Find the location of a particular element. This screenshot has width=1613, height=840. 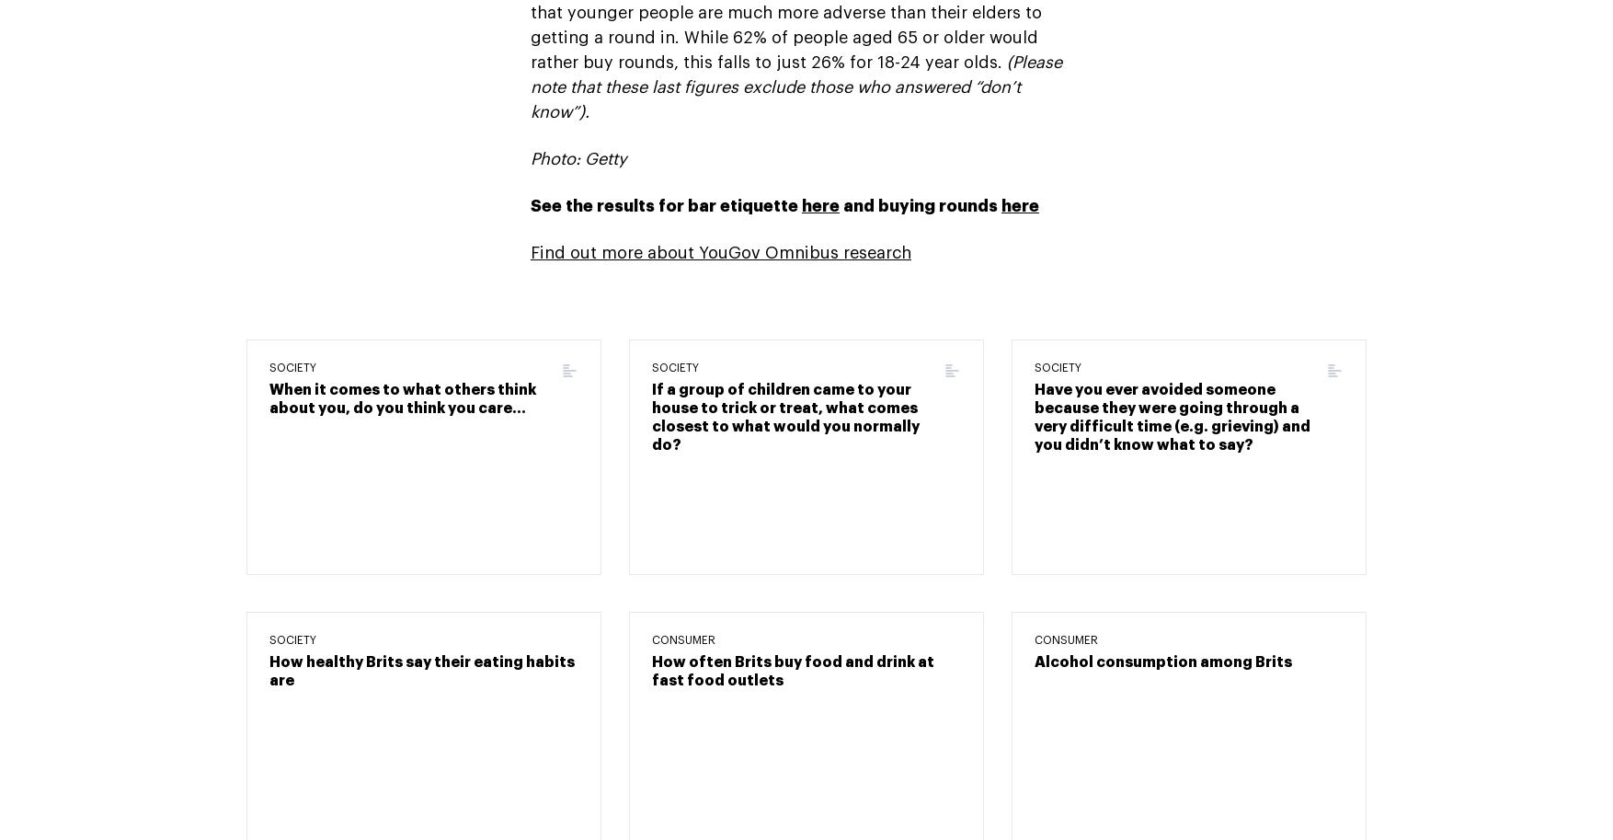

'How healthy Brits say their eating habits are' is located at coordinates (421, 670).